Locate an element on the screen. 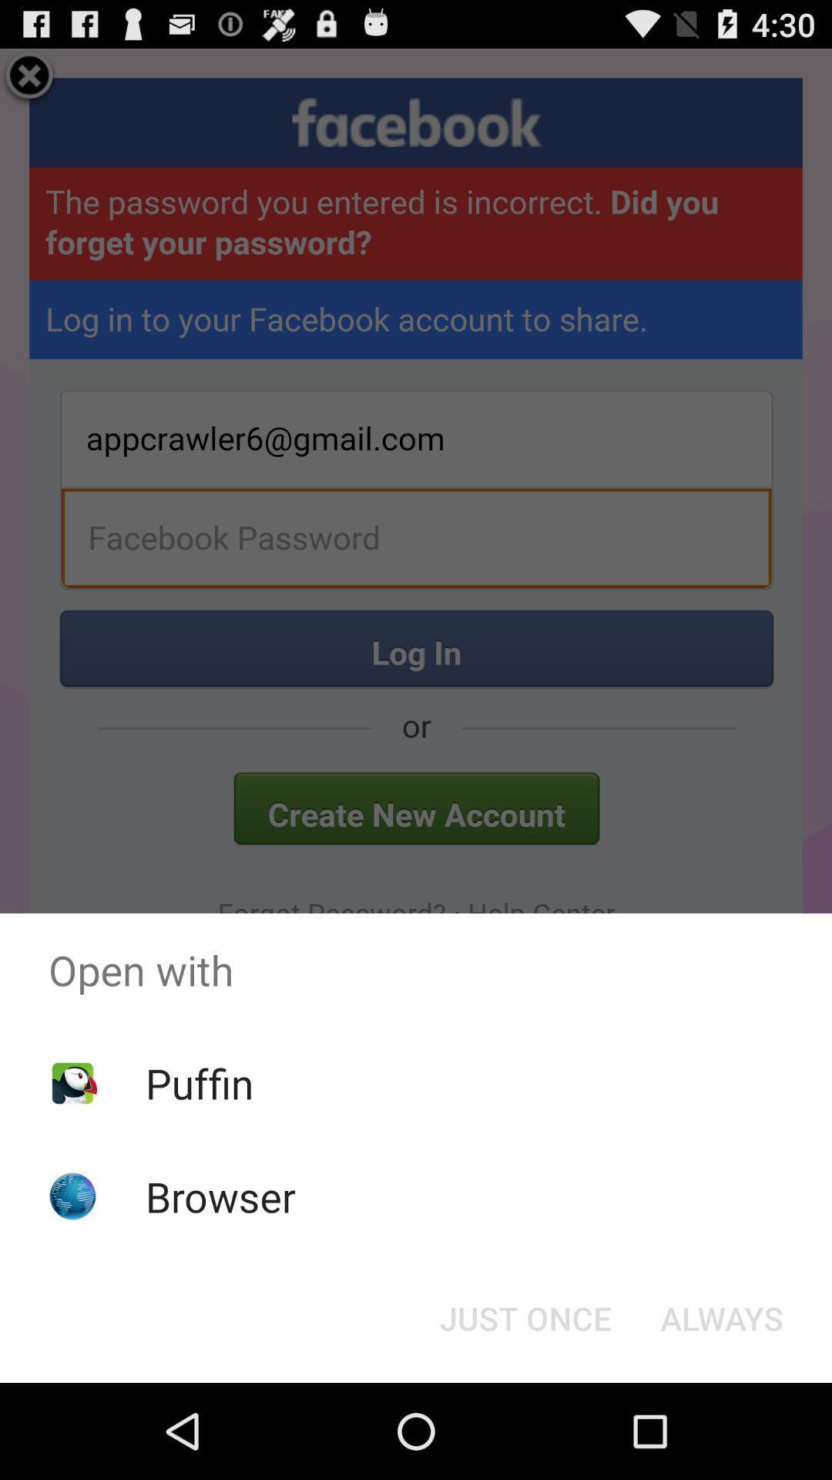 The image size is (832, 1480). item below open with item is located at coordinates (722, 1317).